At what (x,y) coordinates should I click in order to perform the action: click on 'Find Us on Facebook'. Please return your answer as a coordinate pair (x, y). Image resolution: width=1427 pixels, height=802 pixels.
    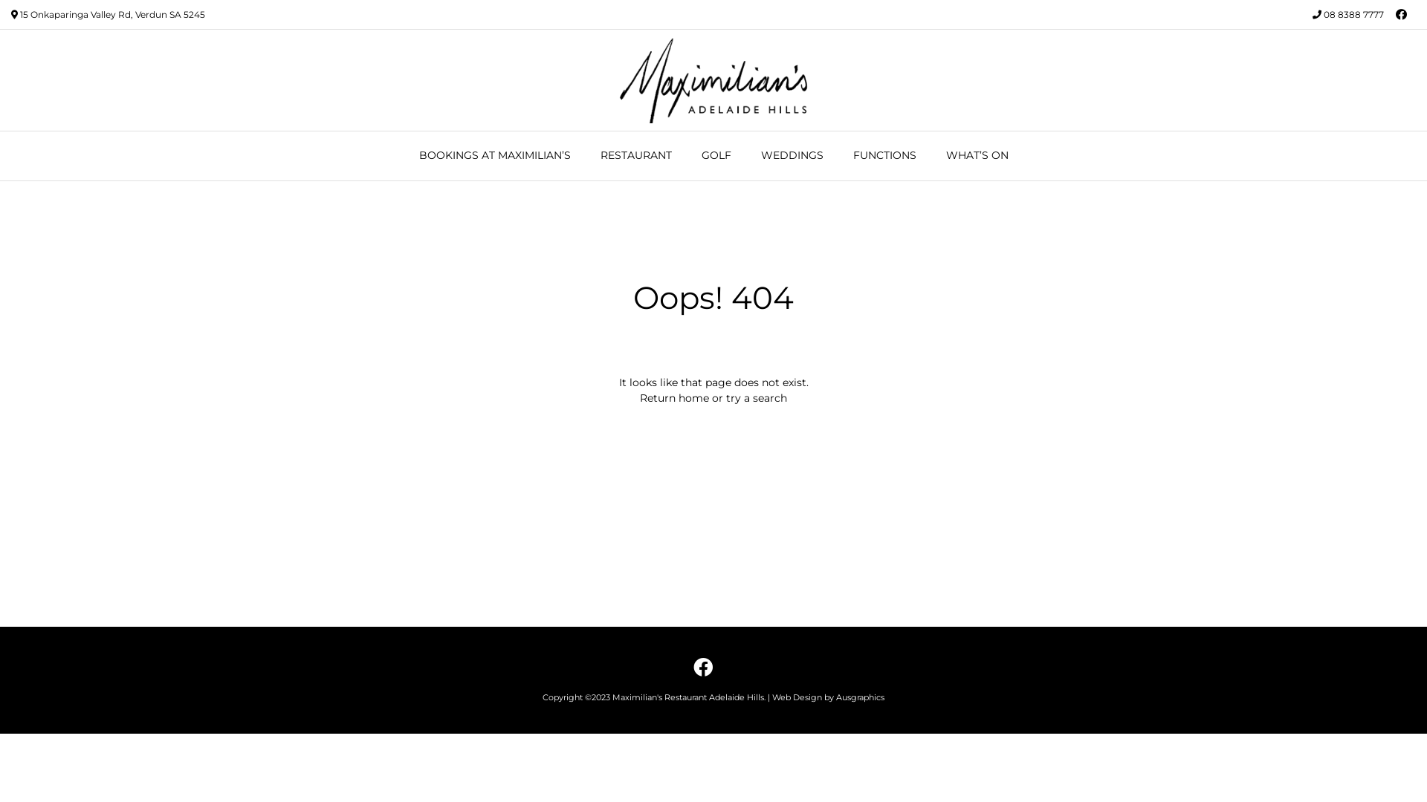
    Looking at the image, I should click on (702, 666).